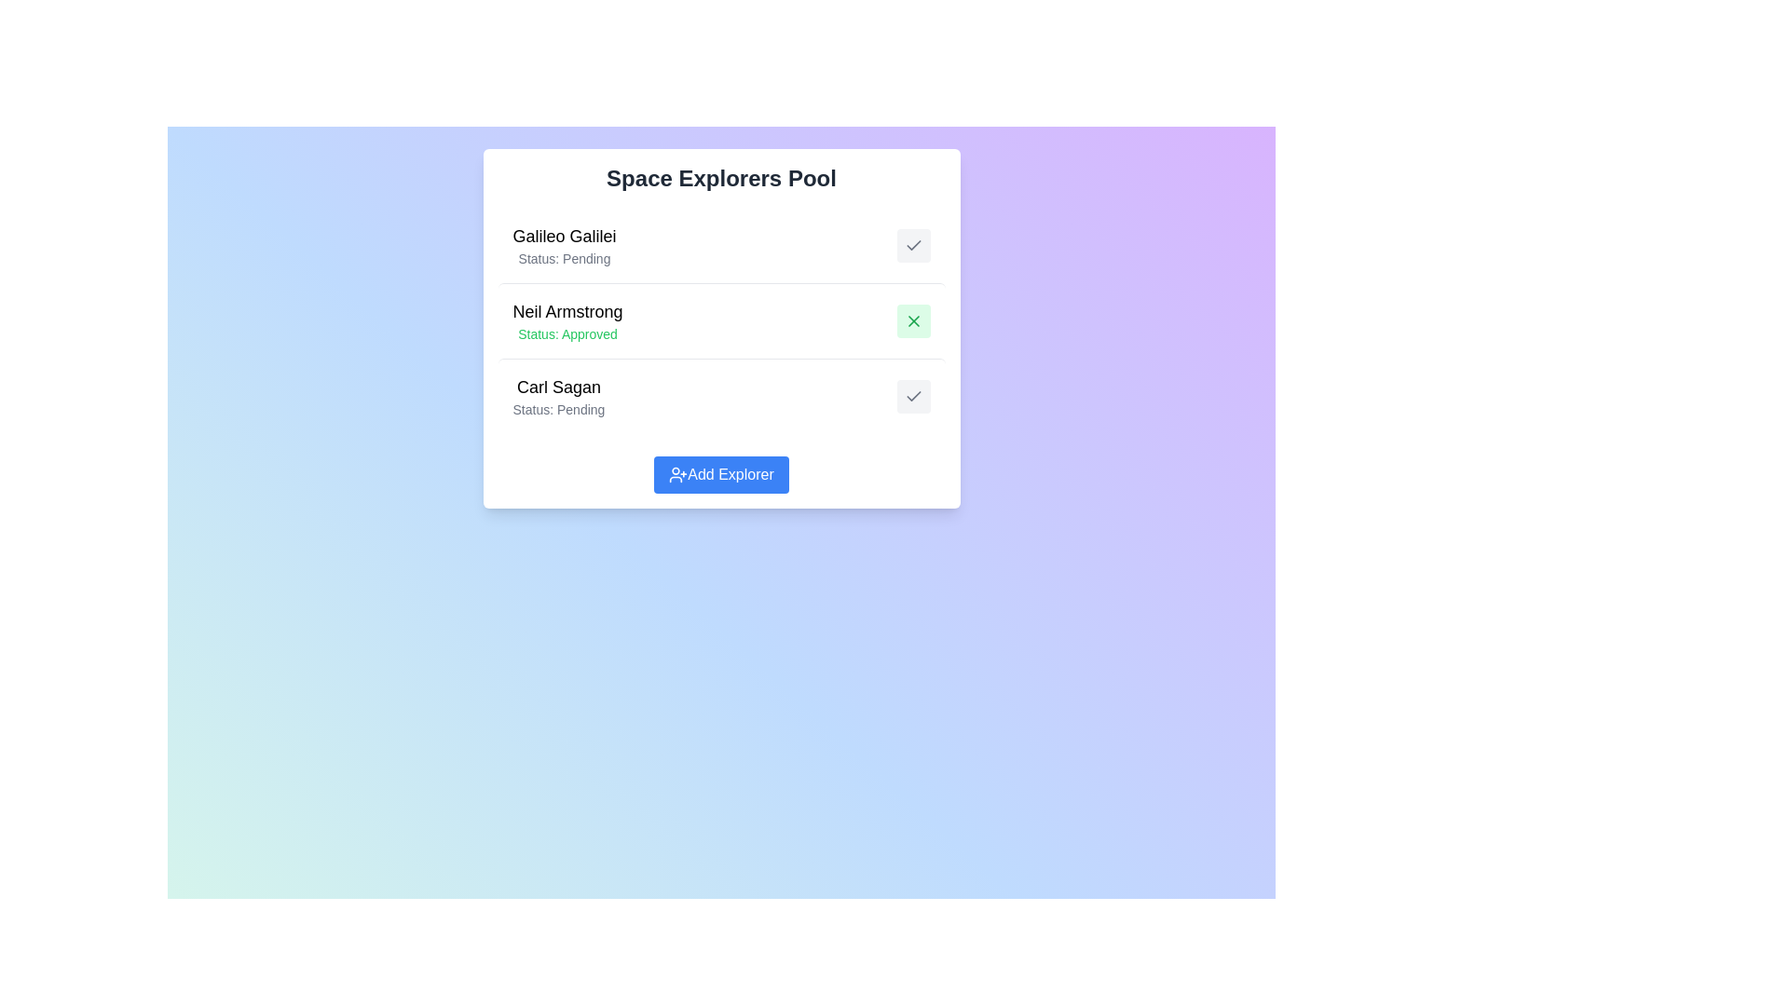  Describe the element at coordinates (913, 244) in the screenshot. I see `the Icon Button located at the far-right corner of the row for 'Galileo Galilei'` at that location.